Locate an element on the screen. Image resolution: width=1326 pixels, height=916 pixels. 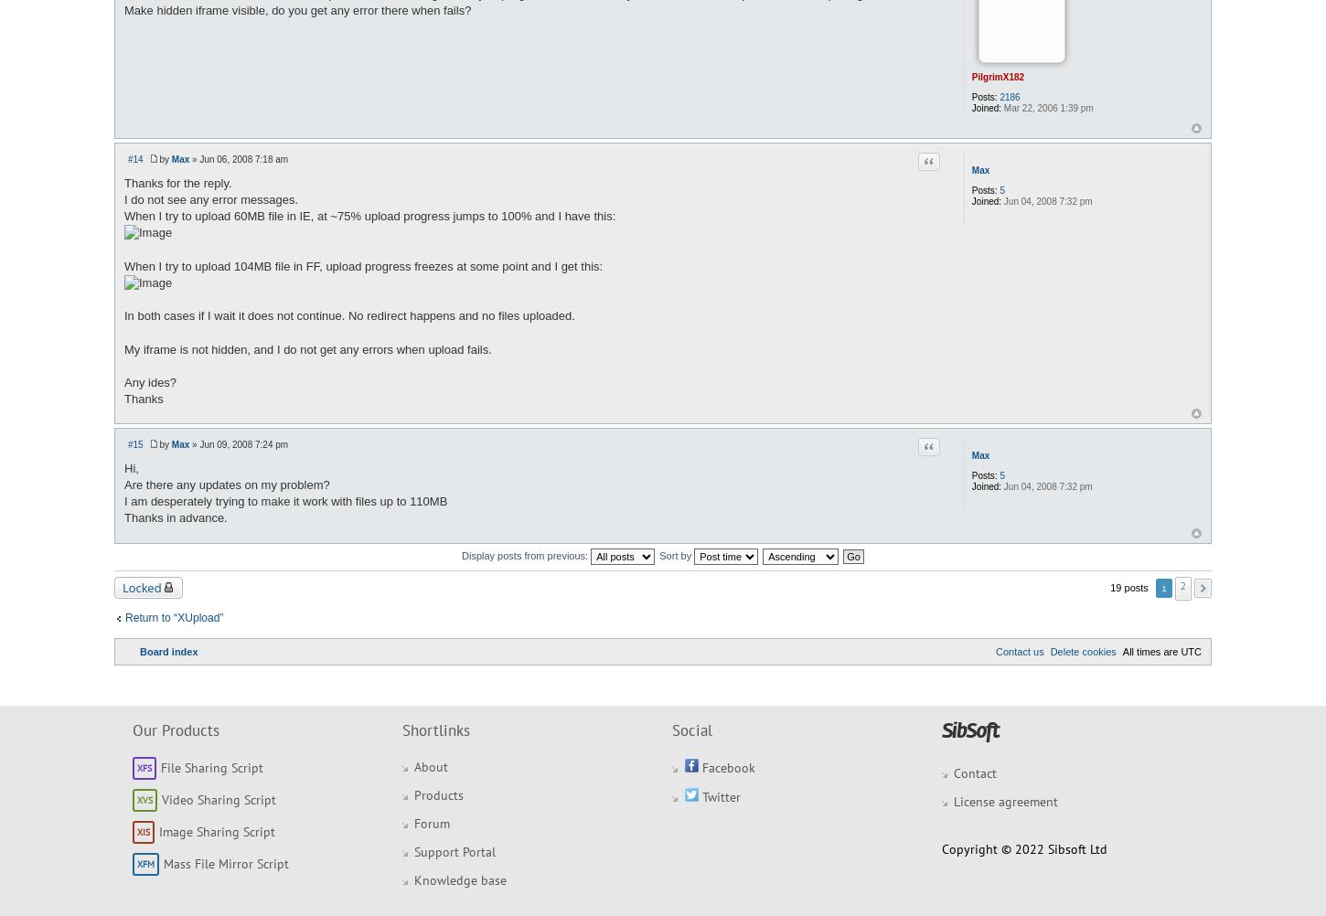
'Products' is located at coordinates (437, 794).